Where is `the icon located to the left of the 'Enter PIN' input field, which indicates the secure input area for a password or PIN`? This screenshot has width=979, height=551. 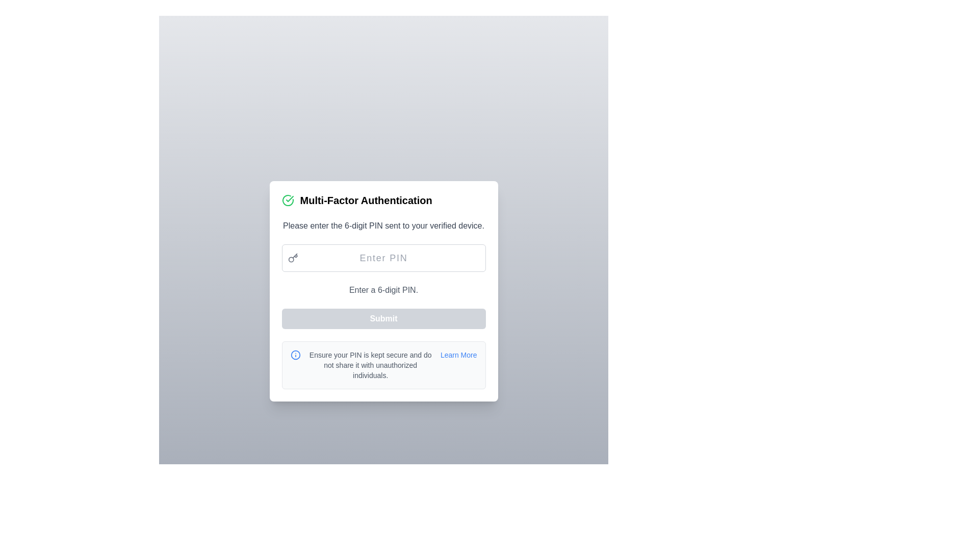 the icon located to the left of the 'Enter PIN' input field, which indicates the secure input area for a password or PIN is located at coordinates (292, 257).